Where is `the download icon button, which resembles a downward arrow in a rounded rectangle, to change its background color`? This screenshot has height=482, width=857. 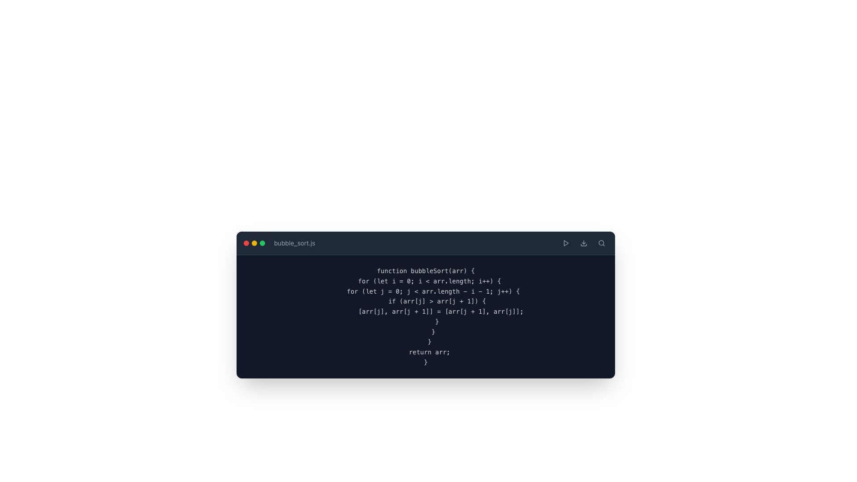
the download icon button, which resembles a downward arrow in a rounded rectangle, to change its background color is located at coordinates (584, 243).